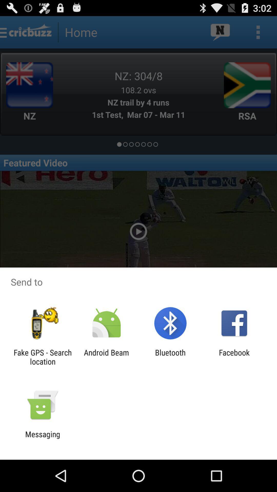 The width and height of the screenshot is (277, 492). Describe the element at coordinates (234, 357) in the screenshot. I see `app at the bottom right corner` at that location.